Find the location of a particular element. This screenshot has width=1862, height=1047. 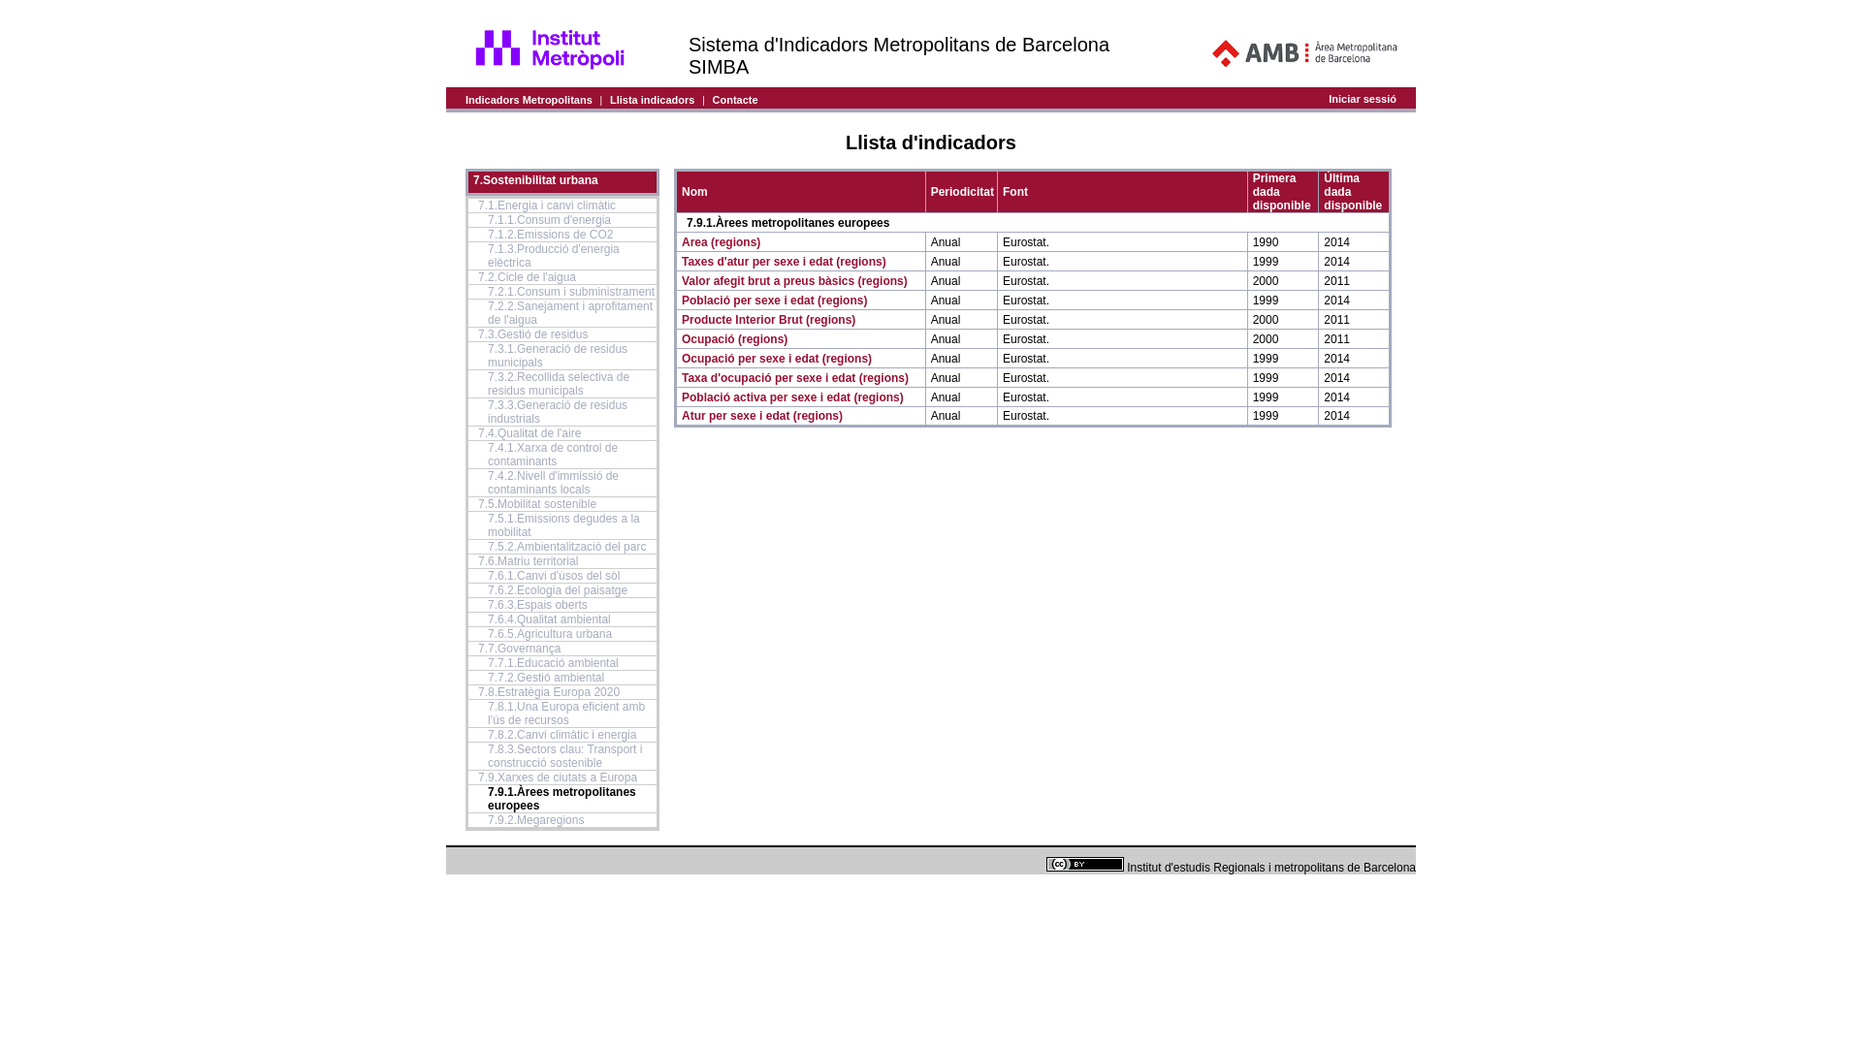

'7.6.Matriu territorial' is located at coordinates (528, 560).